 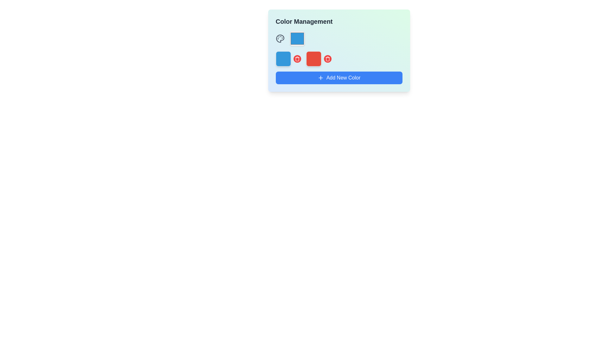 I want to click on the small painter's palette icon located in the leftmost position of the horizontal row within the 'Color Management' interface box, so click(x=280, y=39).